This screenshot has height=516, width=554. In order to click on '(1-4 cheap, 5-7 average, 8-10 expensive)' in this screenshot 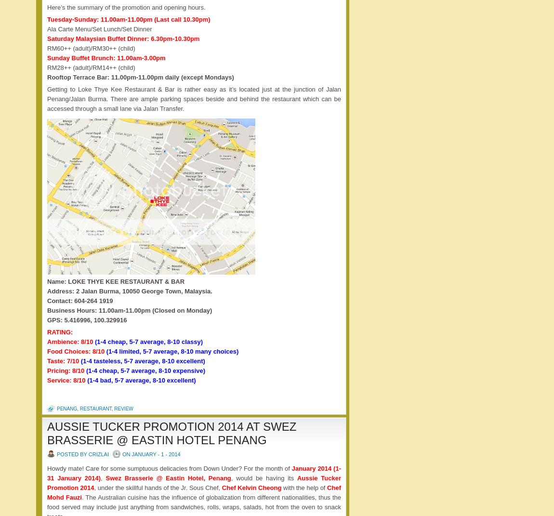, I will do `click(145, 370)`.